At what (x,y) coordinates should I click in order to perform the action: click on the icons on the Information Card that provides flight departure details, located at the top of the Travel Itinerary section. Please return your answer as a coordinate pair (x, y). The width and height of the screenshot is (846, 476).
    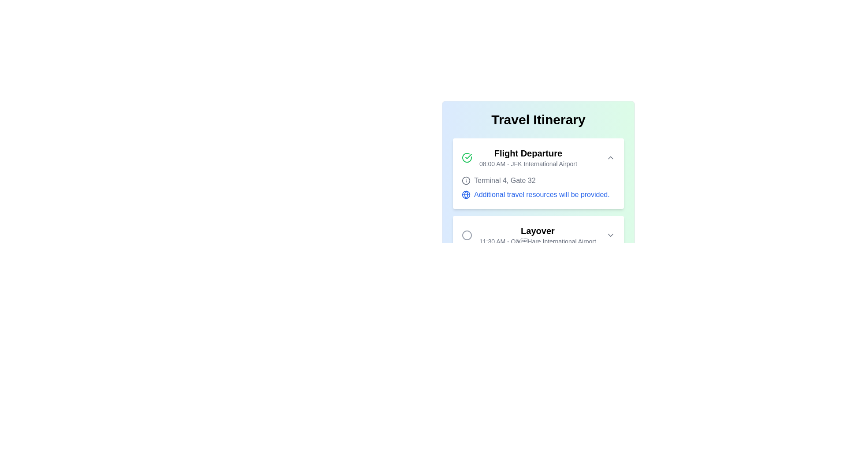
    Looking at the image, I should click on (538, 173).